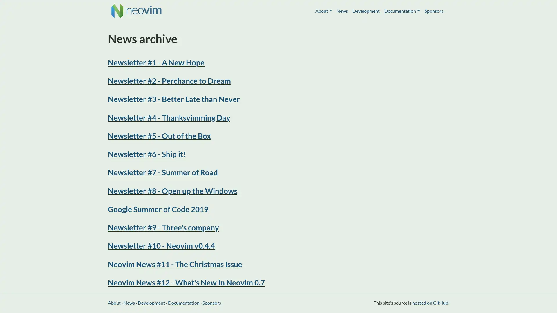 This screenshot has width=557, height=313. Describe the element at coordinates (323, 11) in the screenshot. I see `About` at that location.